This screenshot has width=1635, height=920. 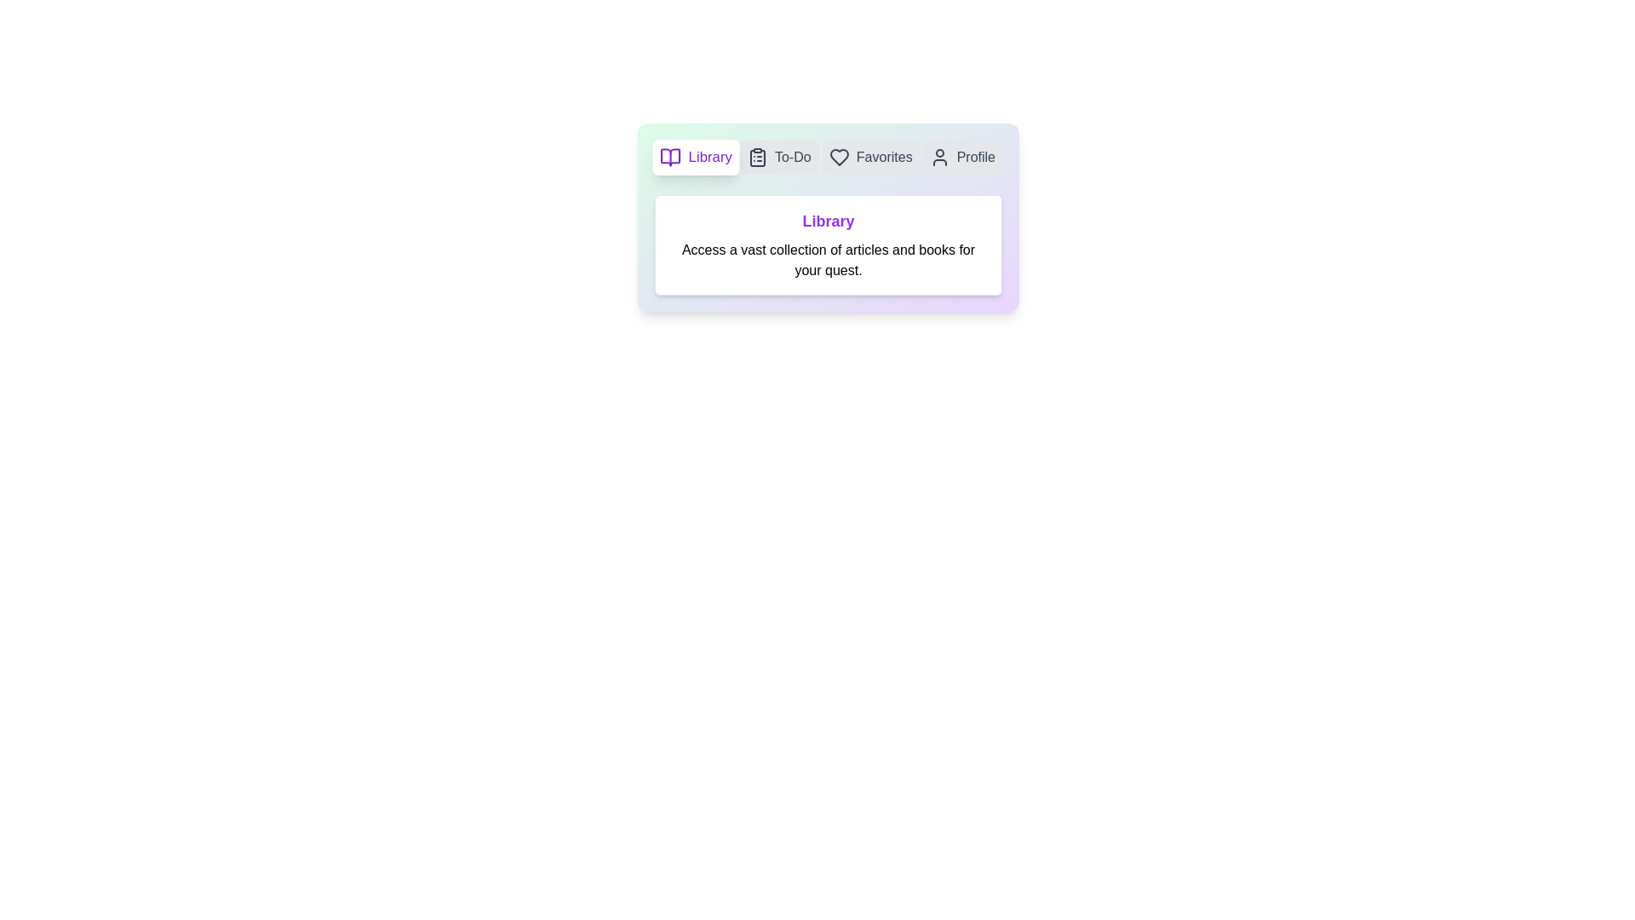 I want to click on the tab labeled Profile to preview its interactive state, so click(x=961, y=158).